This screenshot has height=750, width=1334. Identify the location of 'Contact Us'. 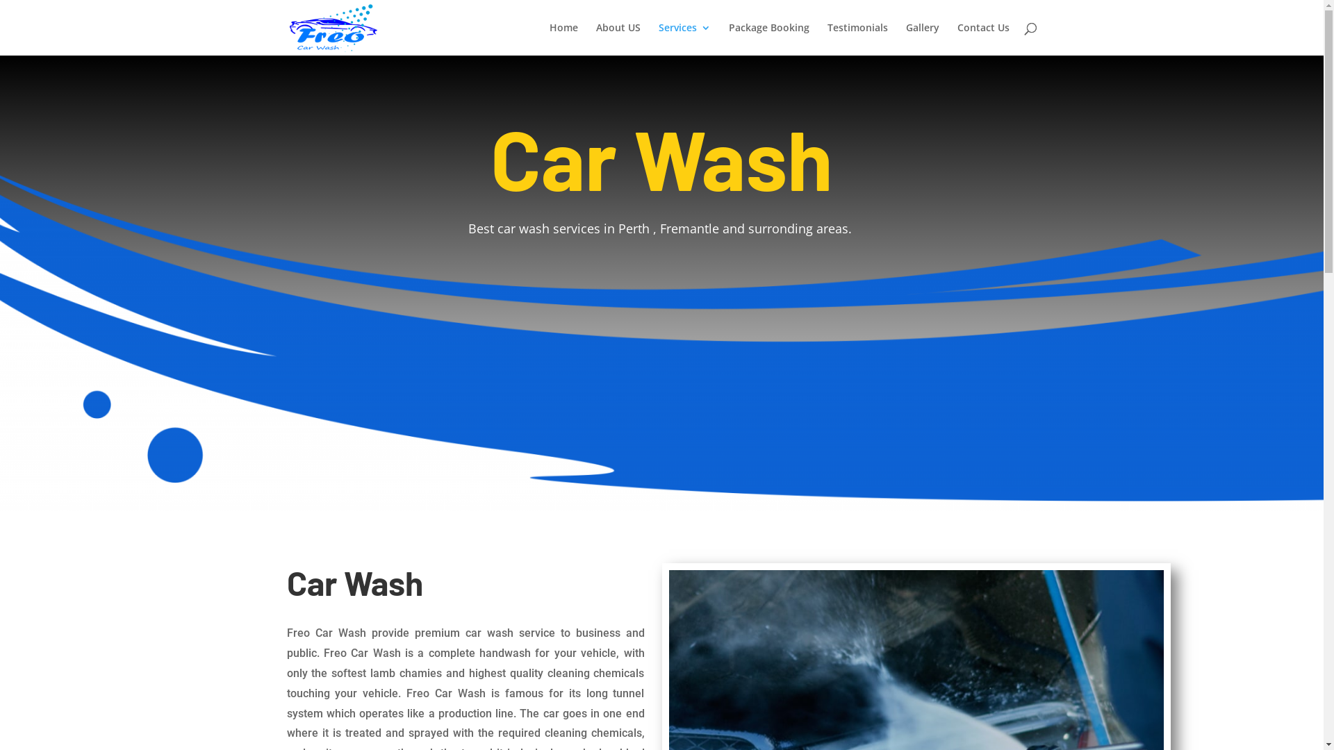
(956, 38).